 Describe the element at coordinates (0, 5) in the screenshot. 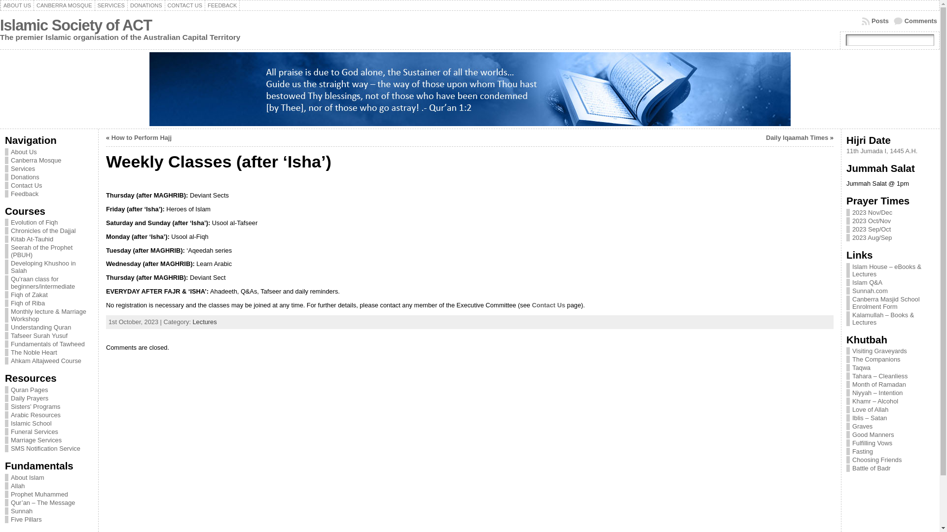

I see `'ABOUT US'` at that location.